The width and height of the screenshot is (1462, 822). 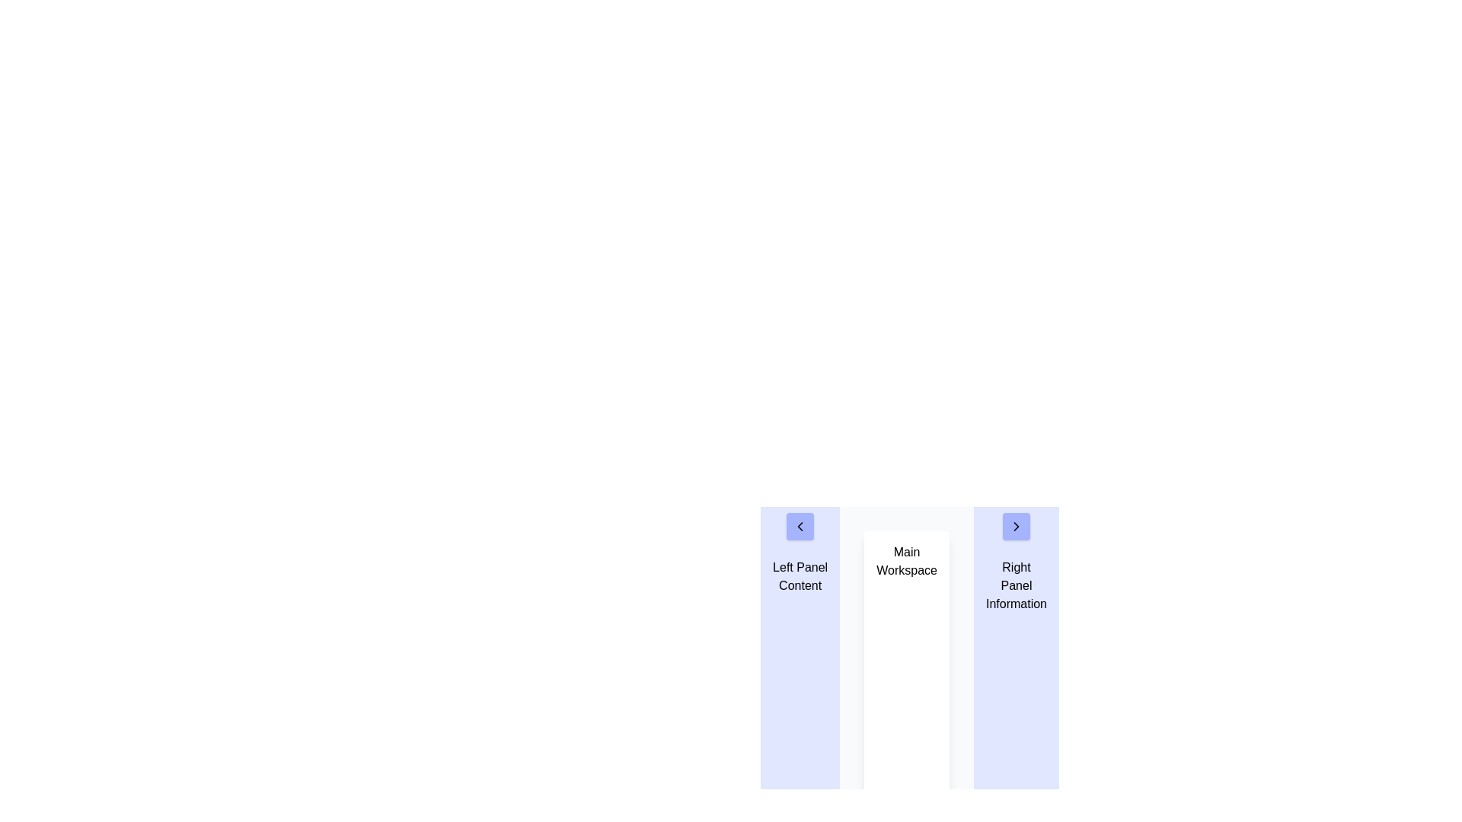 What do you see at coordinates (800, 525) in the screenshot?
I see `the button with a left-pointing chevron icon located near the top of the left panel, above the text 'Left Panel Content'` at bounding box center [800, 525].